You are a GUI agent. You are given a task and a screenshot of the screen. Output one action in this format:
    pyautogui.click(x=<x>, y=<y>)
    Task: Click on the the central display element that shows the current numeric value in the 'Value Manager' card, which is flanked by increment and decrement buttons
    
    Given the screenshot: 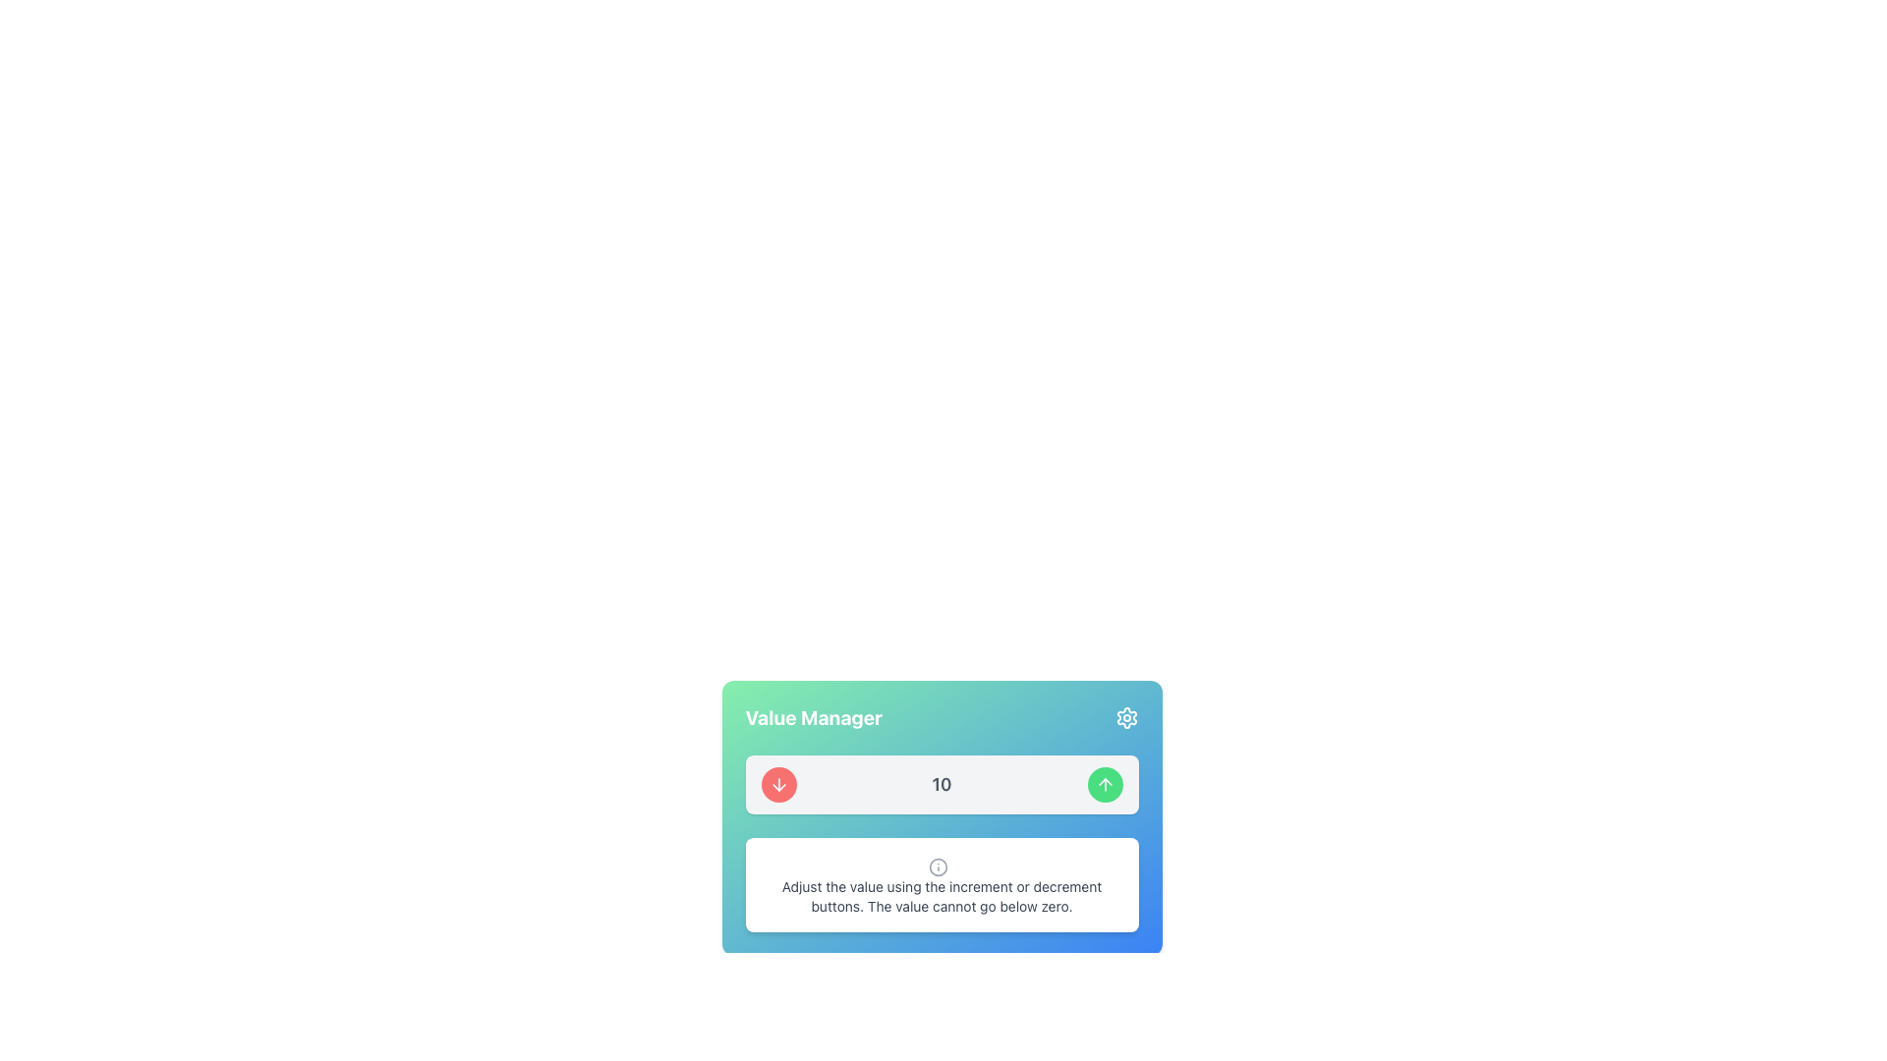 What is the action you would take?
    pyautogui.click(x=941, y=783)
    